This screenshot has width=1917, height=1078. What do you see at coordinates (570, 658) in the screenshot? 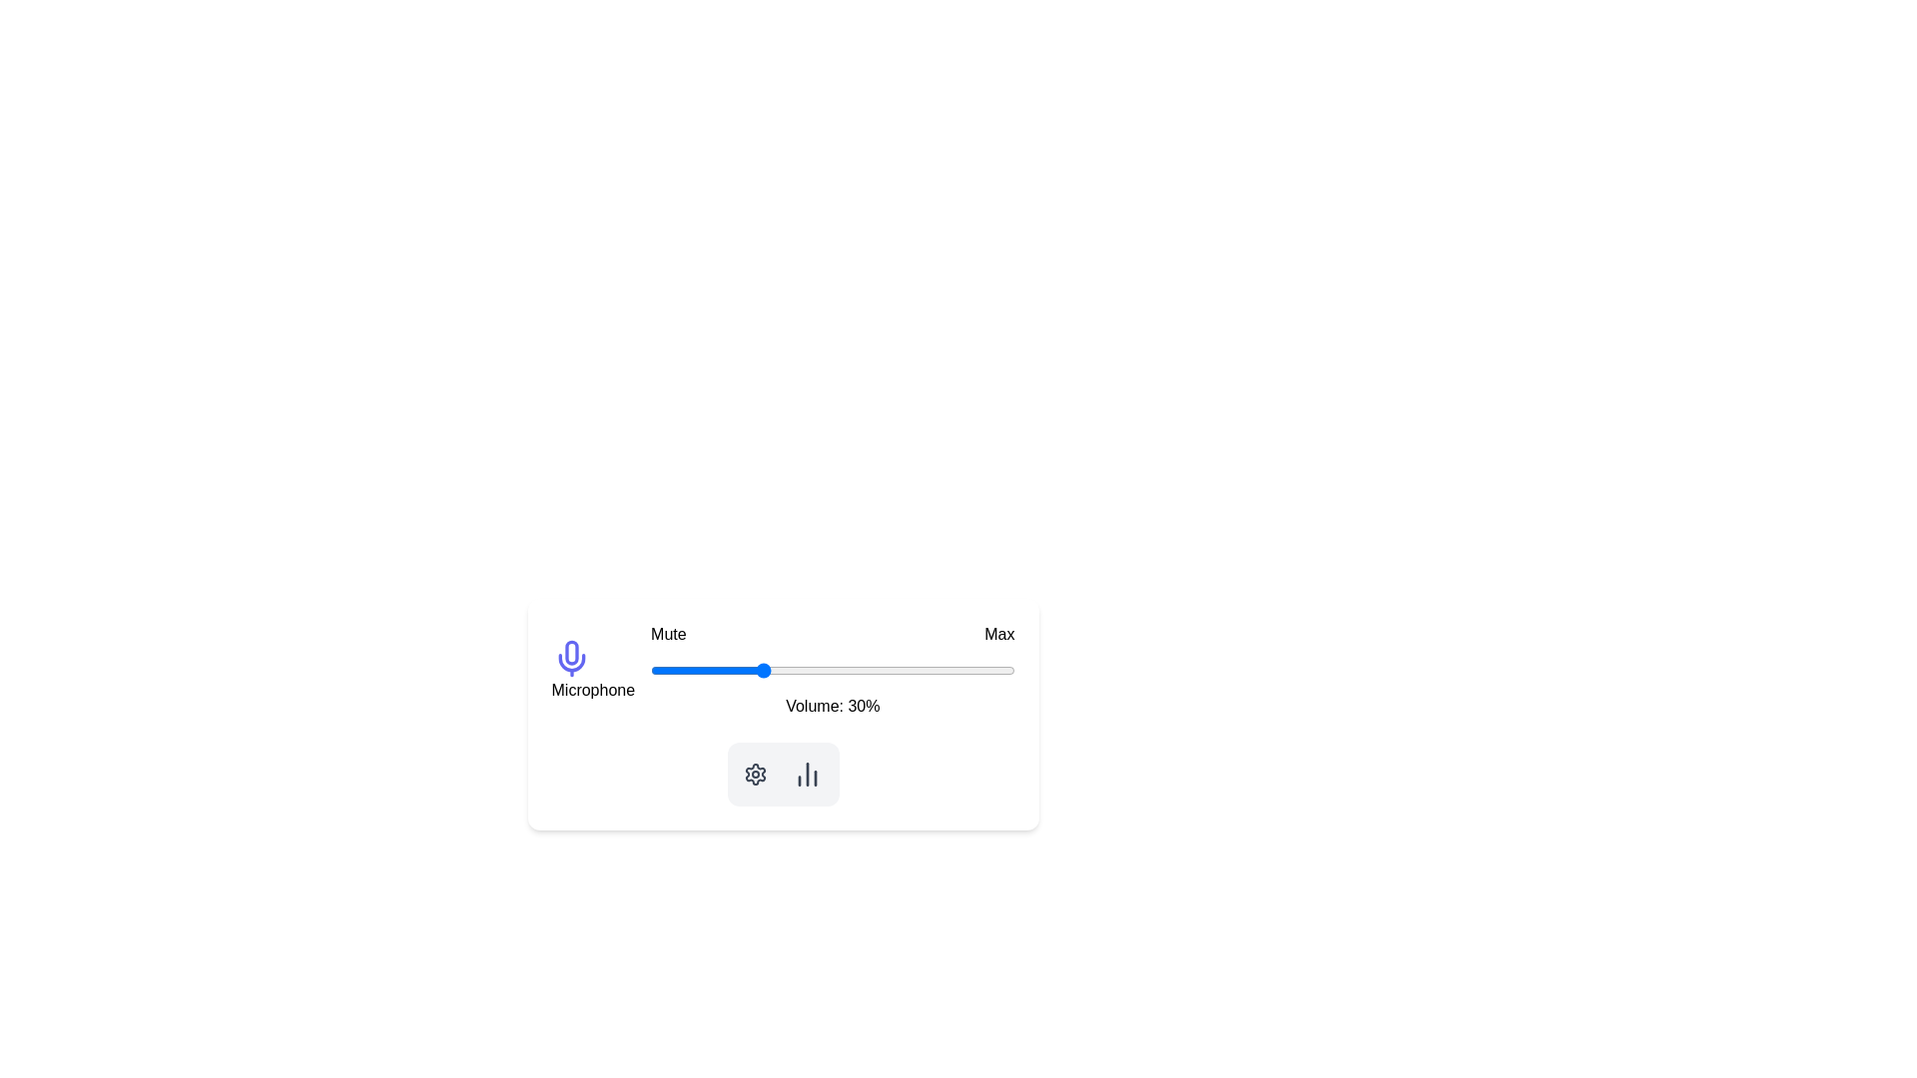
I see `the microphone icon to access microphone-related actions` at bounding box center [570, 658].